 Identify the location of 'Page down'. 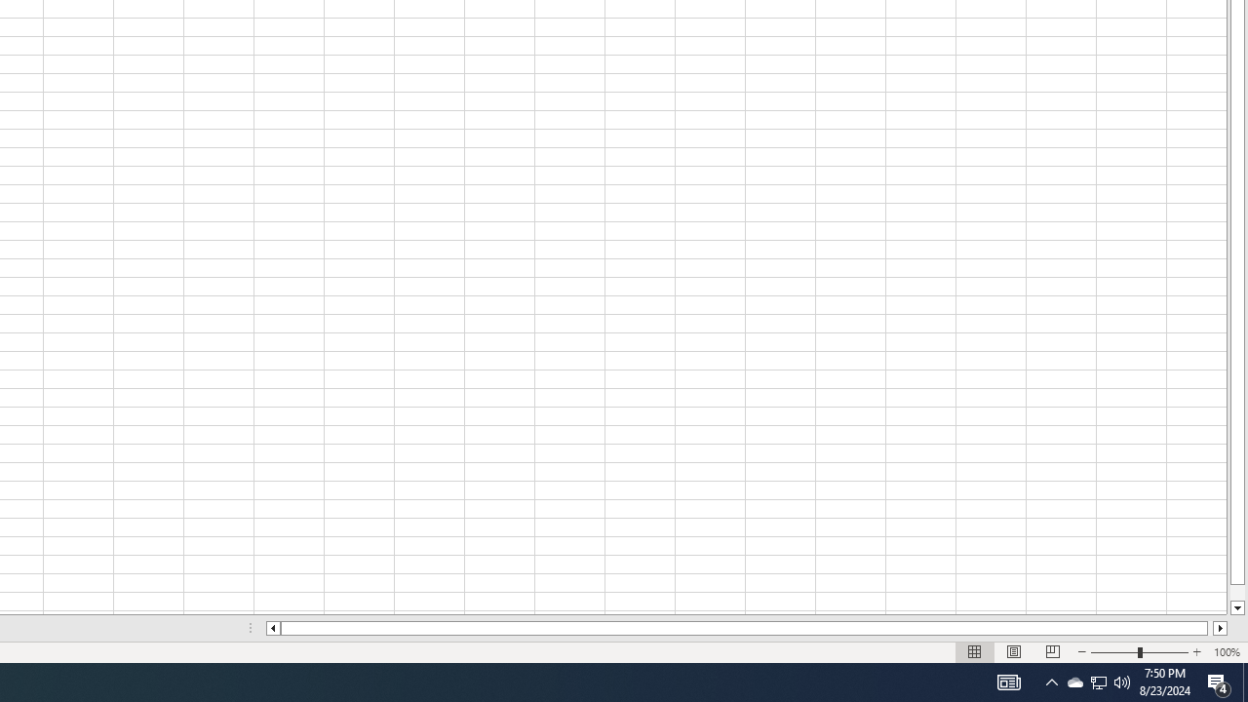
(1236, 592).